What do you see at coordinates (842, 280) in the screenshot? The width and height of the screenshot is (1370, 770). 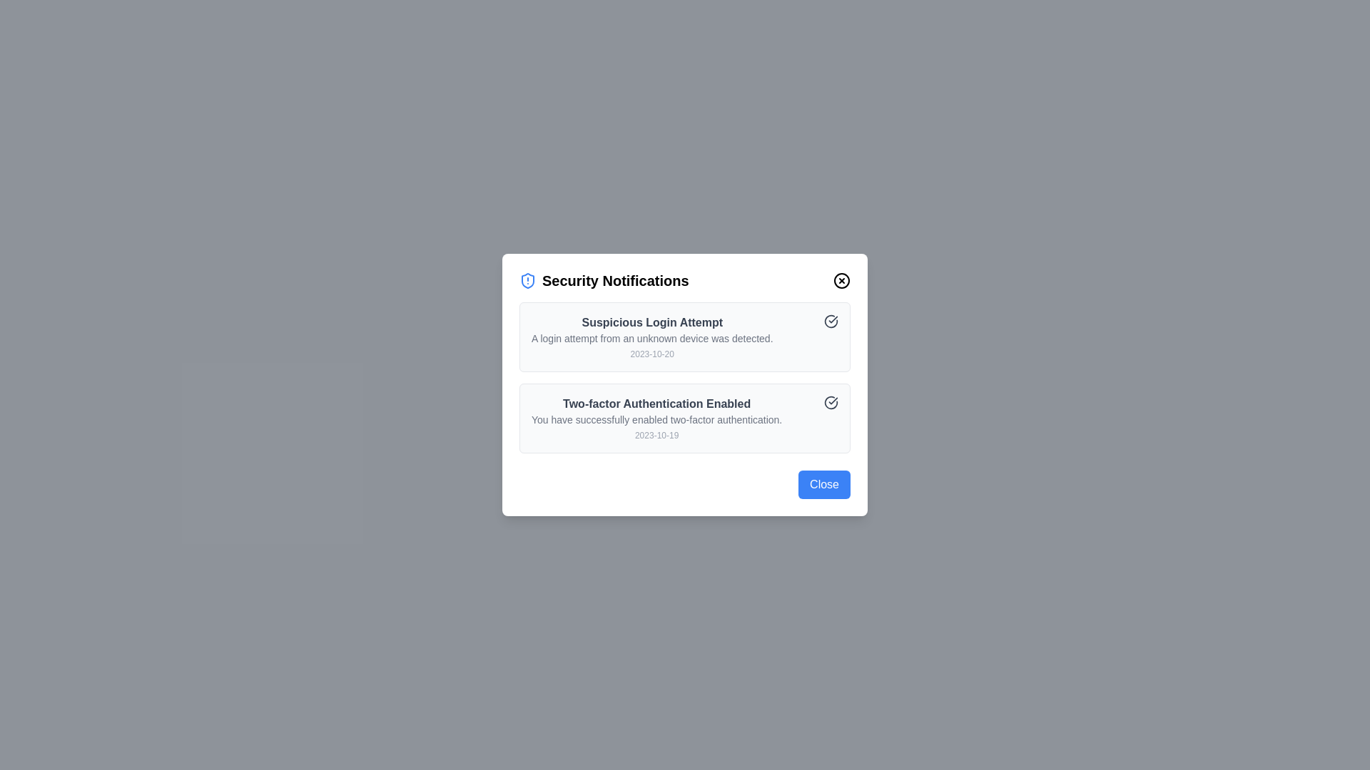 I see `the circular icon button with an 'x' symbol located to the right of the 'Security Notifications' title` at bounding box center [842, 280].